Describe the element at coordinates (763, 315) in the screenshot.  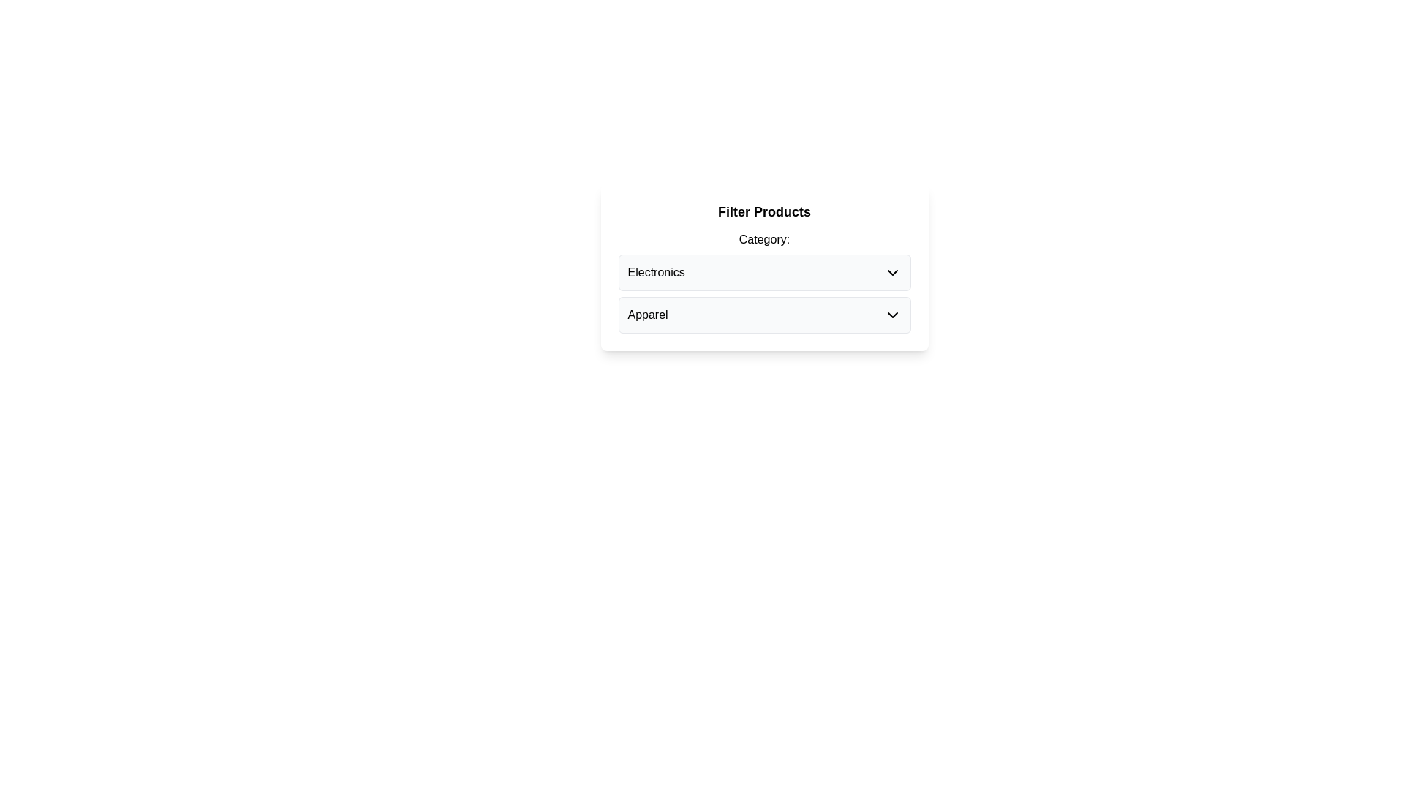
I see `the Dropdown button located below the 'Electronics' category` at that location.